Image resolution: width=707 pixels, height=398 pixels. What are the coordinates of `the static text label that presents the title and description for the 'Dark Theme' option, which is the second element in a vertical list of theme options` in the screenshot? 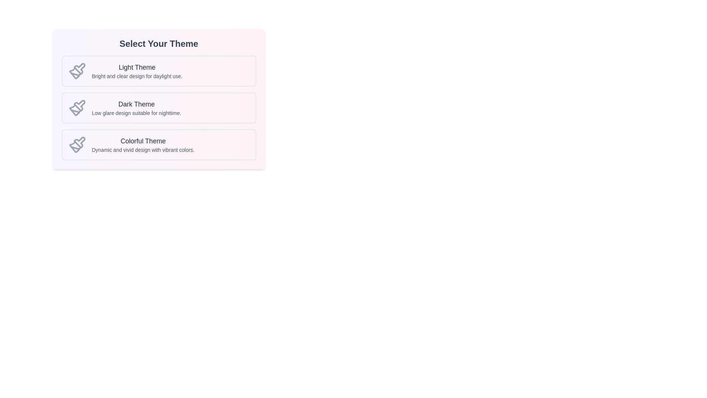 It's located at (136, 108).